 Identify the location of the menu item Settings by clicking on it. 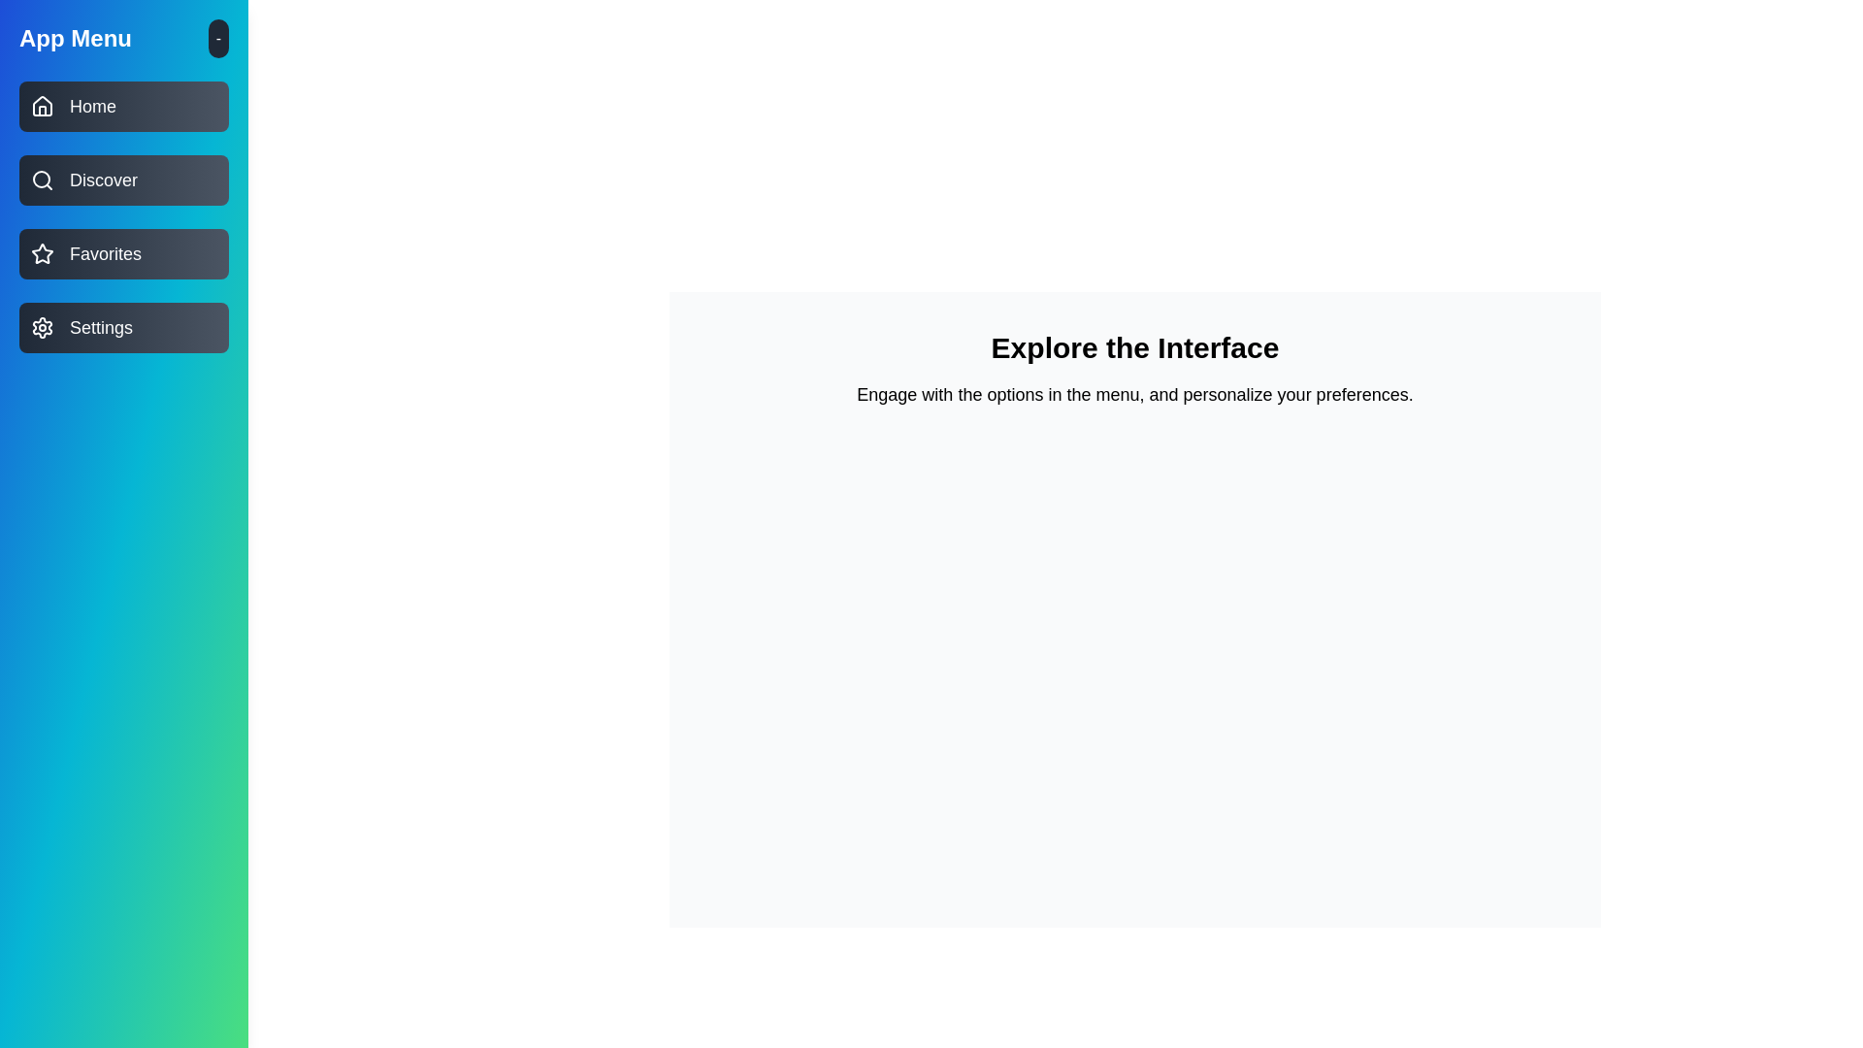
(123, 327).